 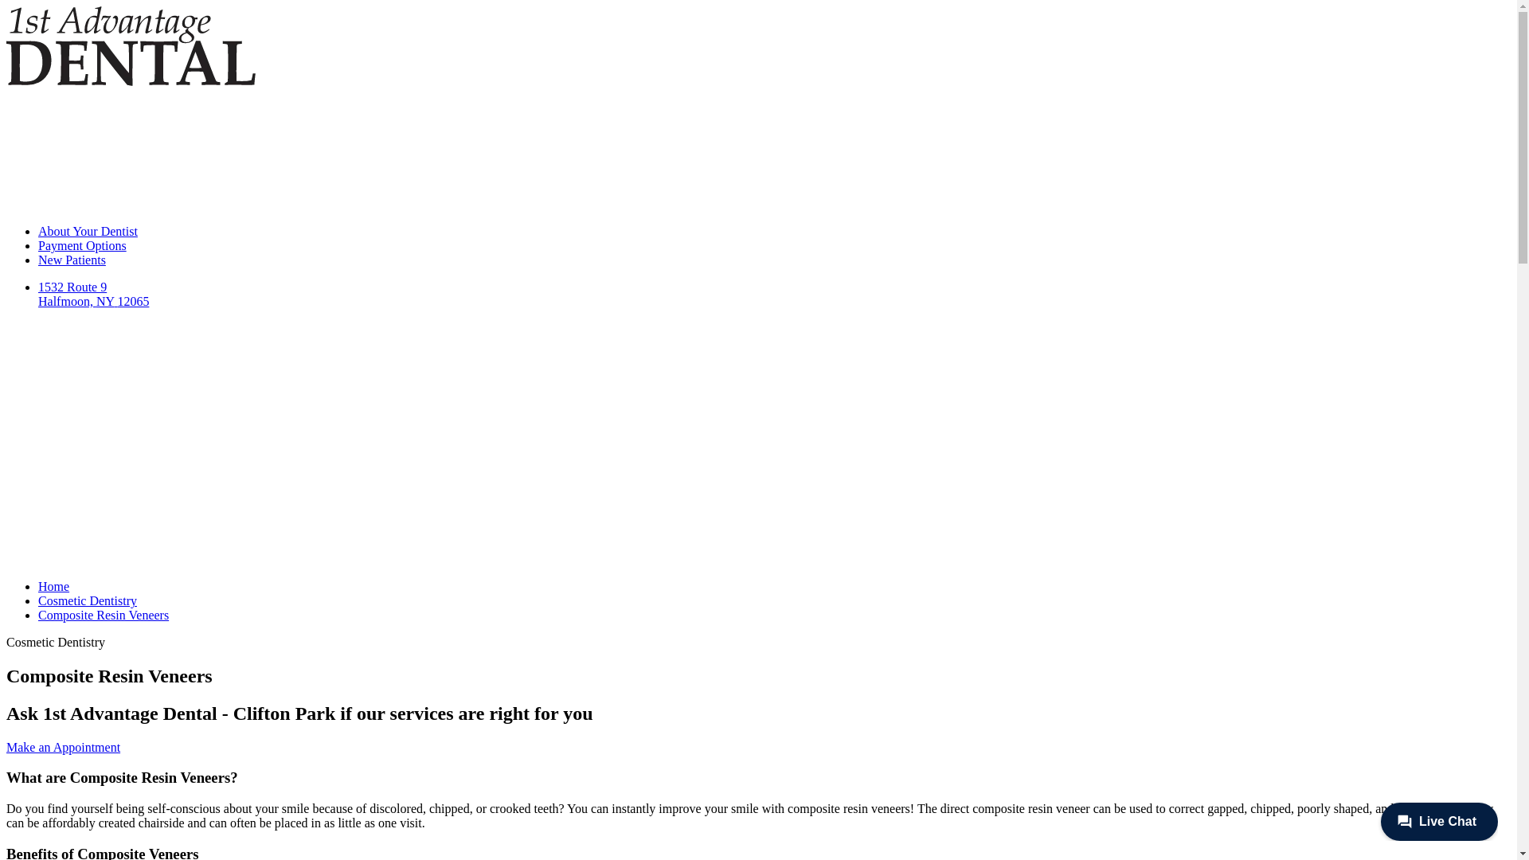 I want to click on '1532 Route 9, so click(x=774, y=354).